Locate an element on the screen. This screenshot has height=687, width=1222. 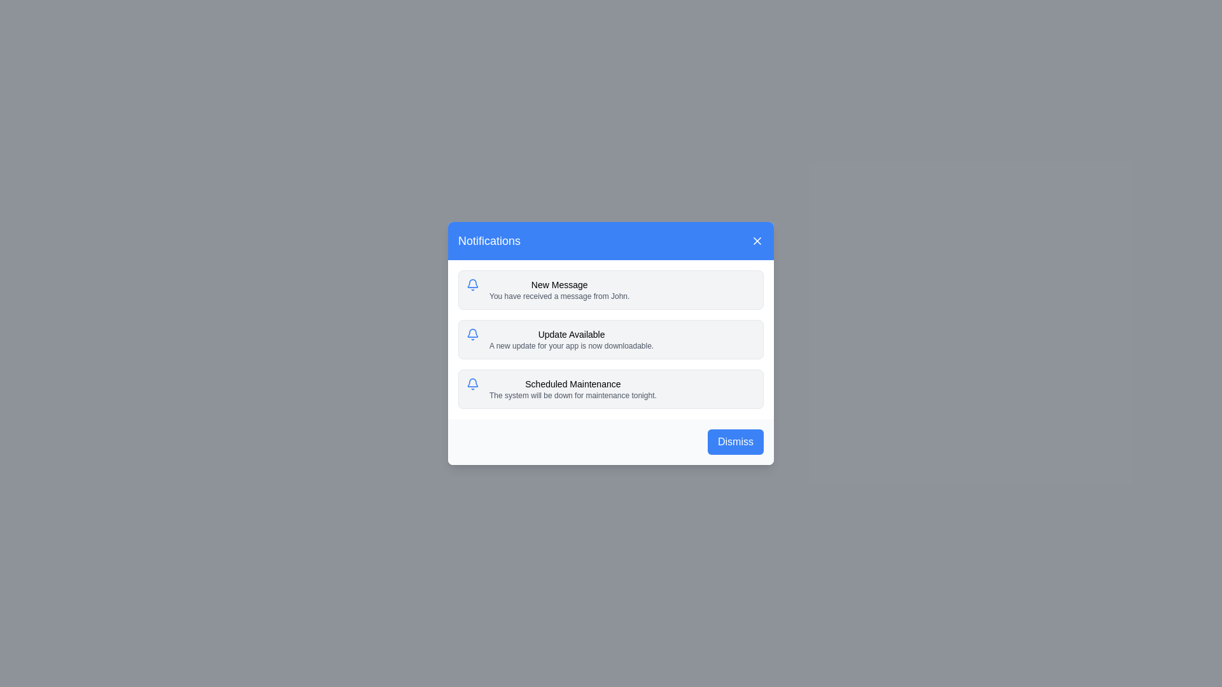
the third notification card in the Notifications dialog box that displays information about the upcoming system maintenance event is located at coordinates (611, 389).